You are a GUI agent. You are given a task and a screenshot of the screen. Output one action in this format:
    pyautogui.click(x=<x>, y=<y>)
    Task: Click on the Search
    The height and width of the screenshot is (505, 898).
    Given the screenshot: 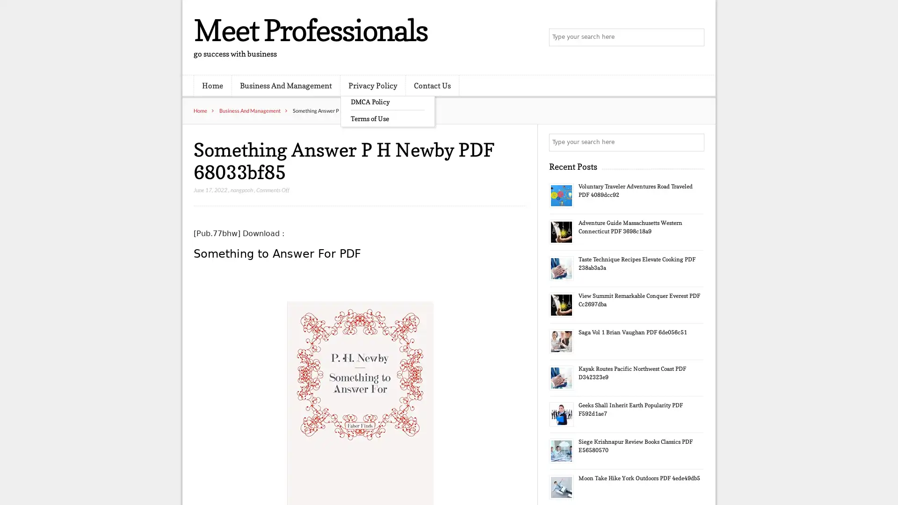 What is the action you would take?
    pyautogui.click(x=695, y=37)
    